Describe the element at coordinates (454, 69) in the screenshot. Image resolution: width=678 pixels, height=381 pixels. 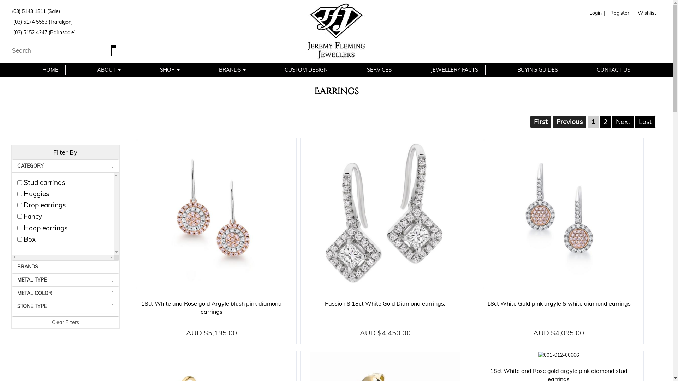
I see `'JEWELLERY FACTS'` at that location.